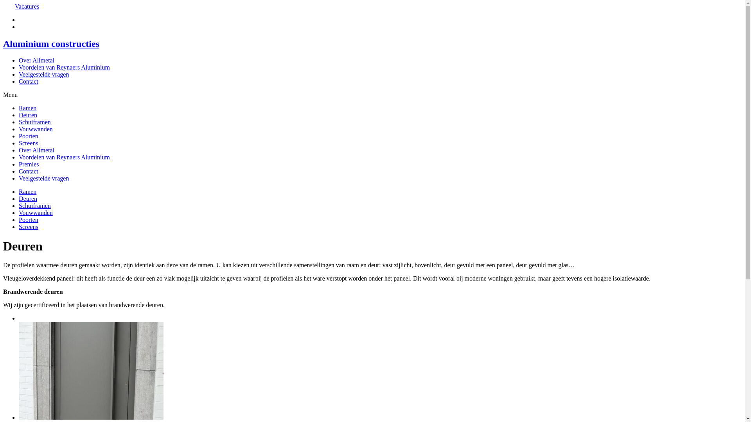  I want to click on 'Poorten', so click(28, 220).